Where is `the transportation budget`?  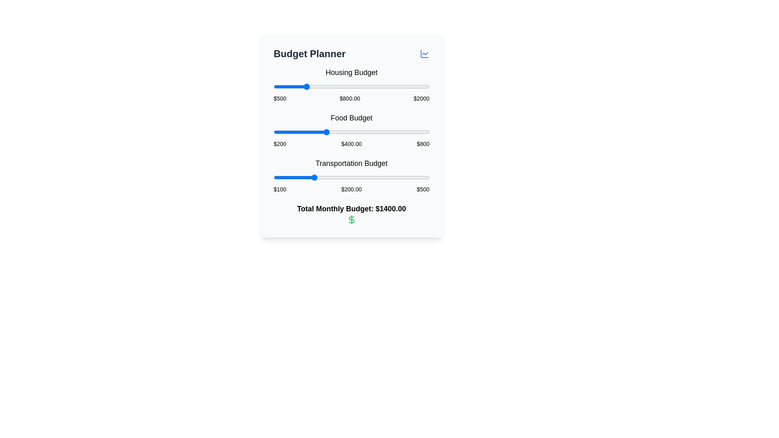
the transportation budget is located at coordinates (308, 177).